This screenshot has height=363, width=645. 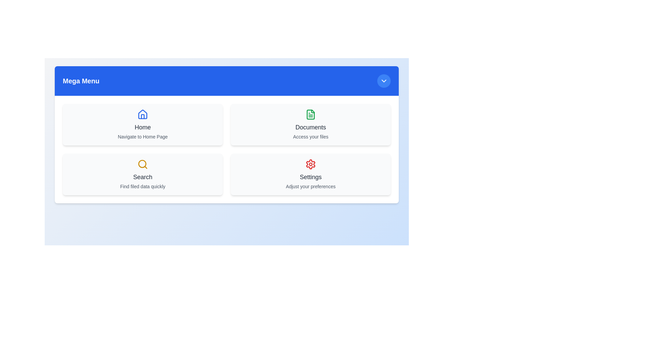 What do you see at coordinates (384, 80) in the screenshot?
I see `arrow button to toggle the submenu` at bounding box center [384, 80].